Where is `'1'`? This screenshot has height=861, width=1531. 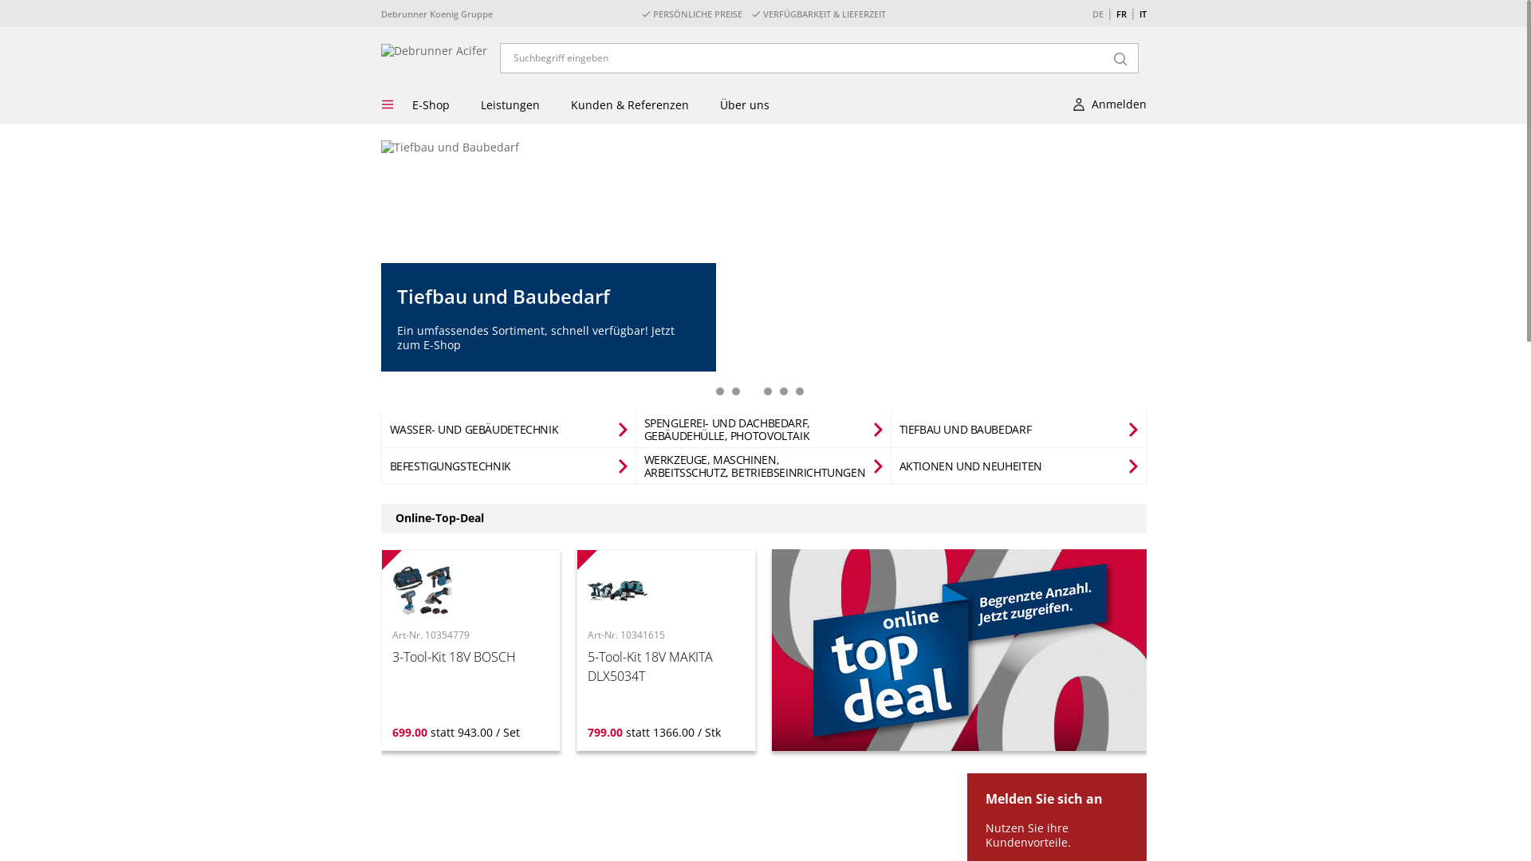 '1' is located at coordinates (718, 391).